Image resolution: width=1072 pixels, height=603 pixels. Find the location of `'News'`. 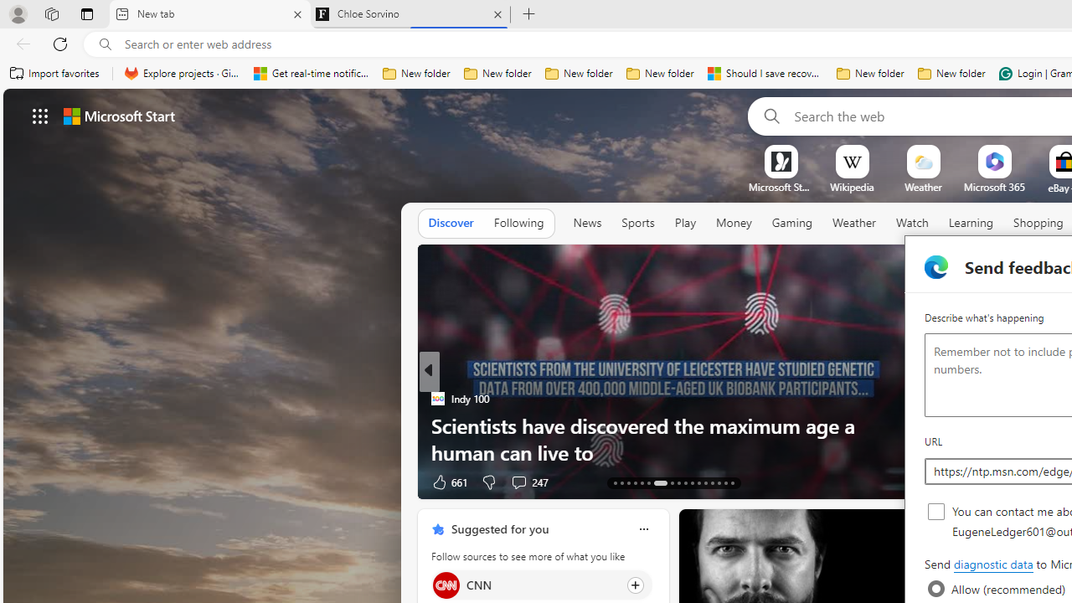

'News' is located at coordinates (587, 222).